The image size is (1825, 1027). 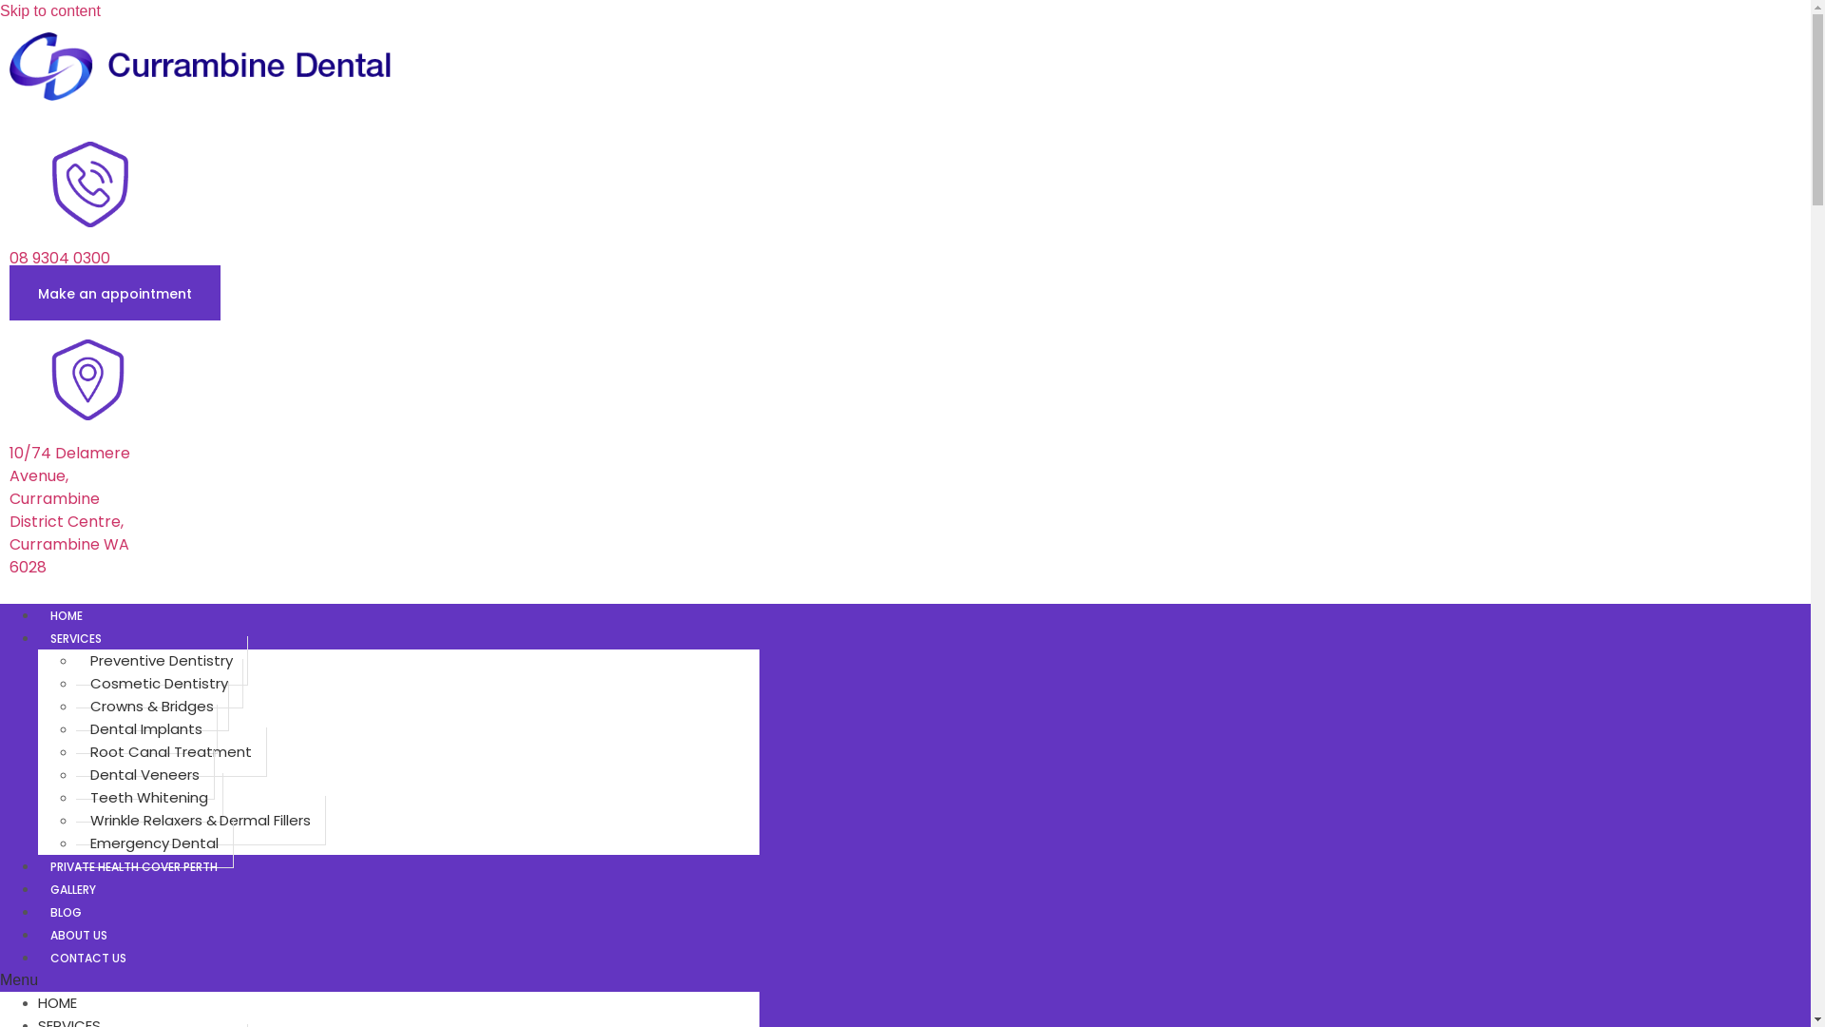 What do you see at coordinates (76, 798) in the screenshot?
I see `'Teeth Whitening'` at bounding box center [76, 798].